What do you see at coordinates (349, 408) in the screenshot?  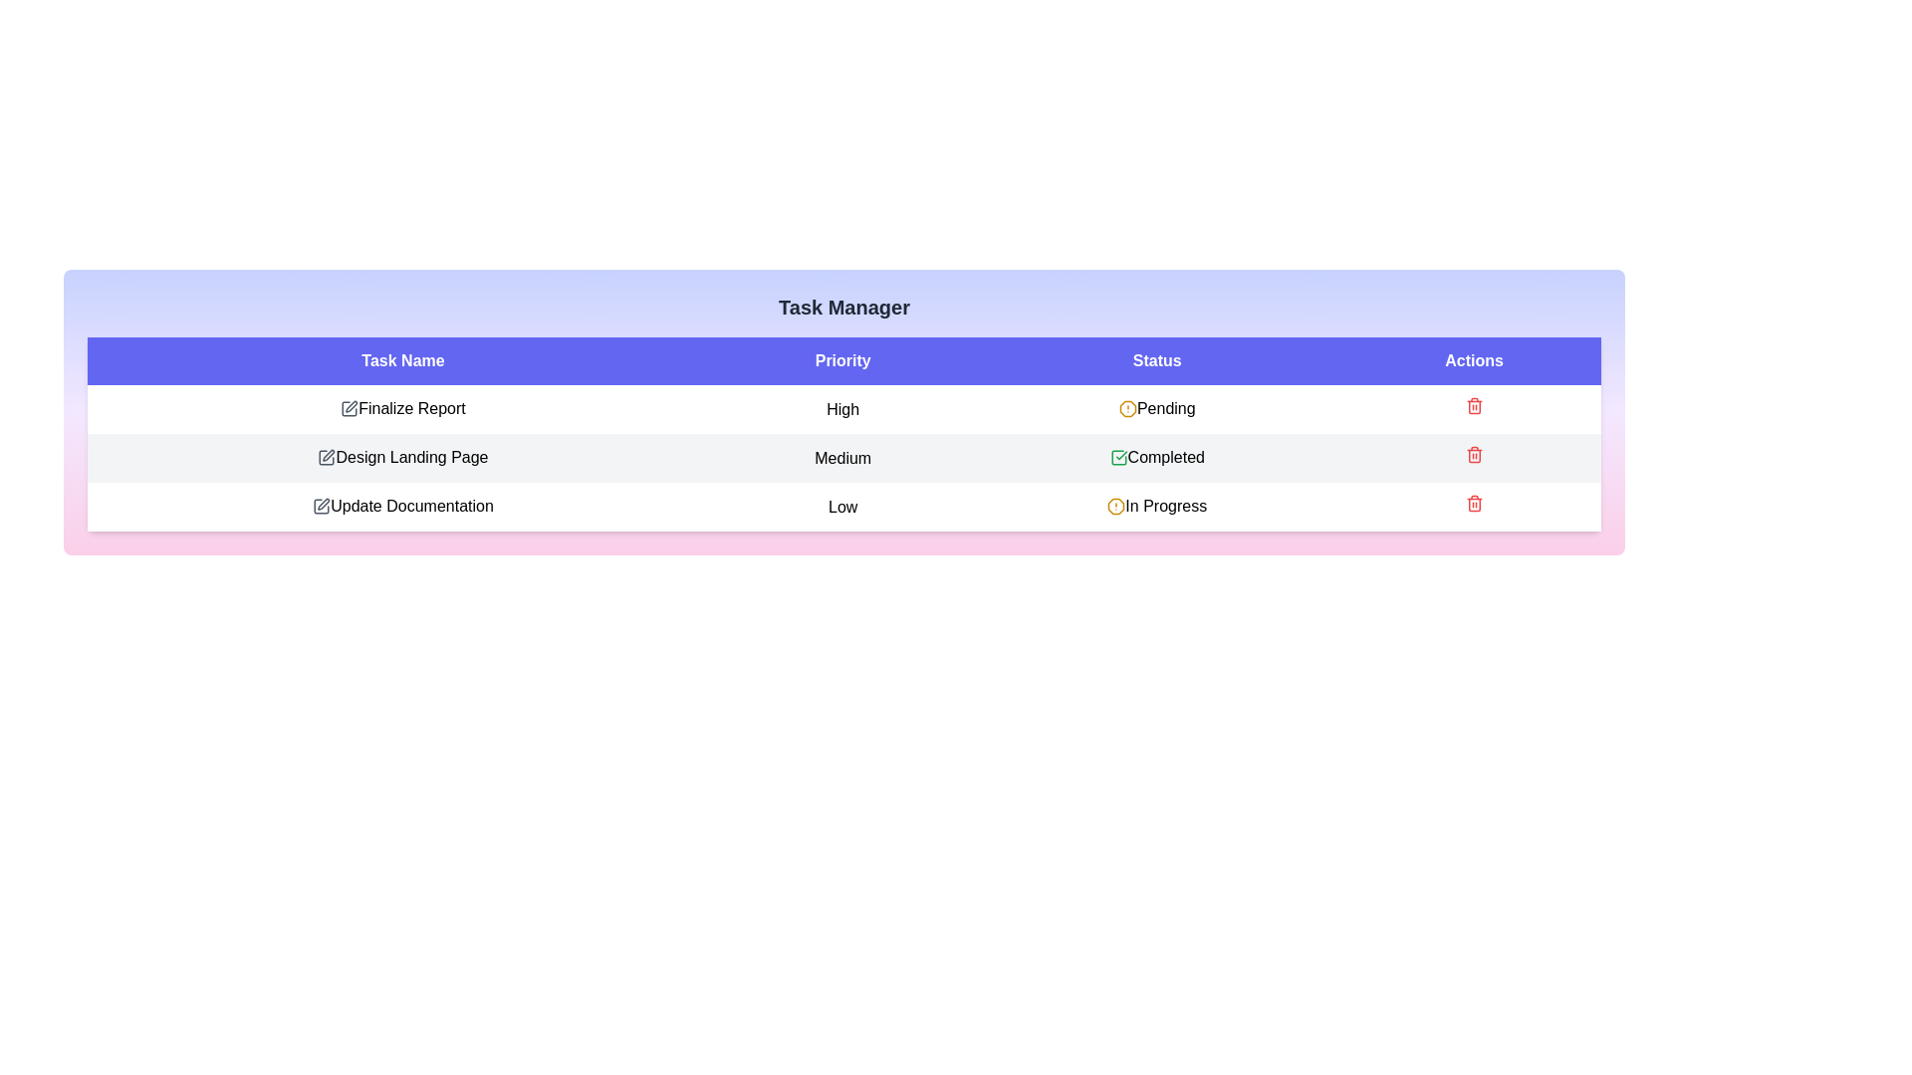 I see `the edit icon for the task named Finalize Report` at bounding box center [349, 408].